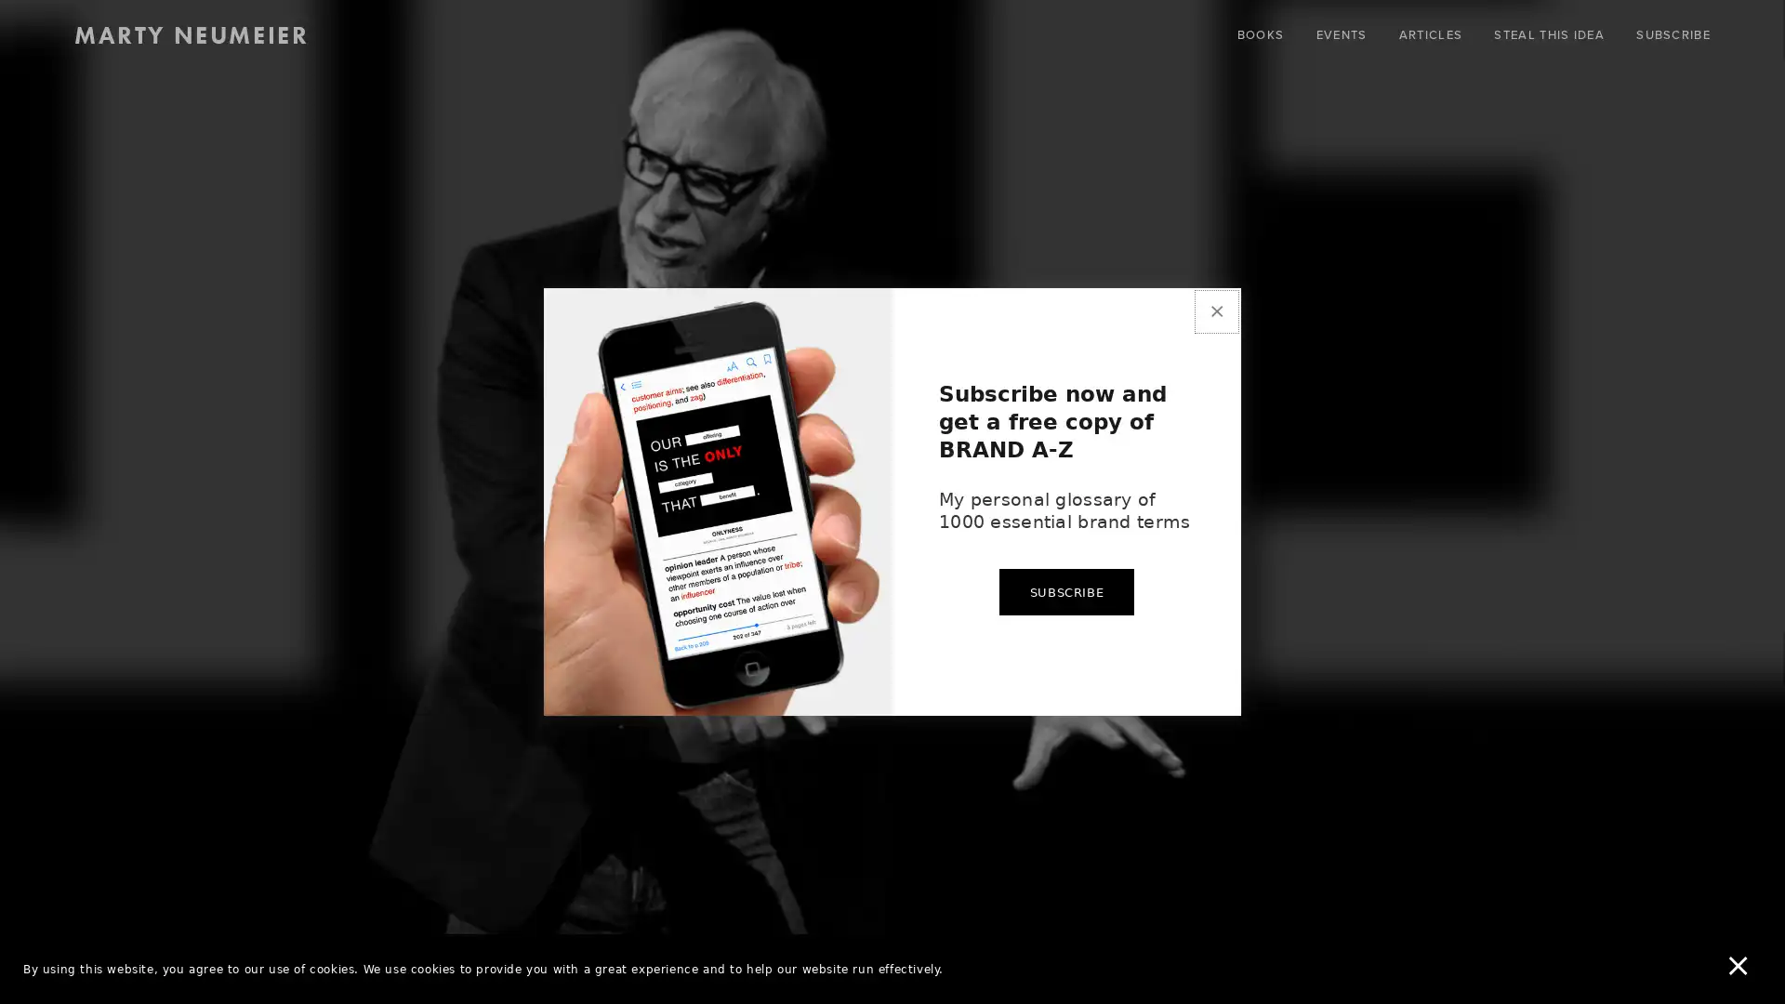  What do you see at coordinates (1216, 278) in the screenshot?
I see `Close` at bounding box center [1216, 278].